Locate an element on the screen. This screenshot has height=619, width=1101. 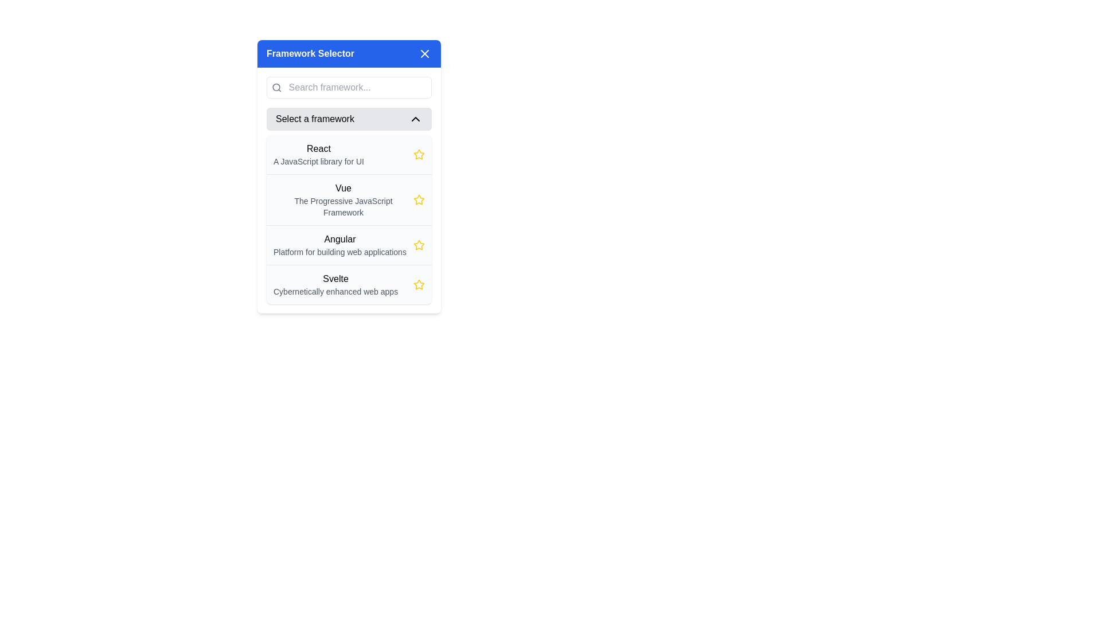
the fourth item in the list, which is located beneath the 'Angular' item and is related to 'Svelte' is located at coordinates (349, 284).